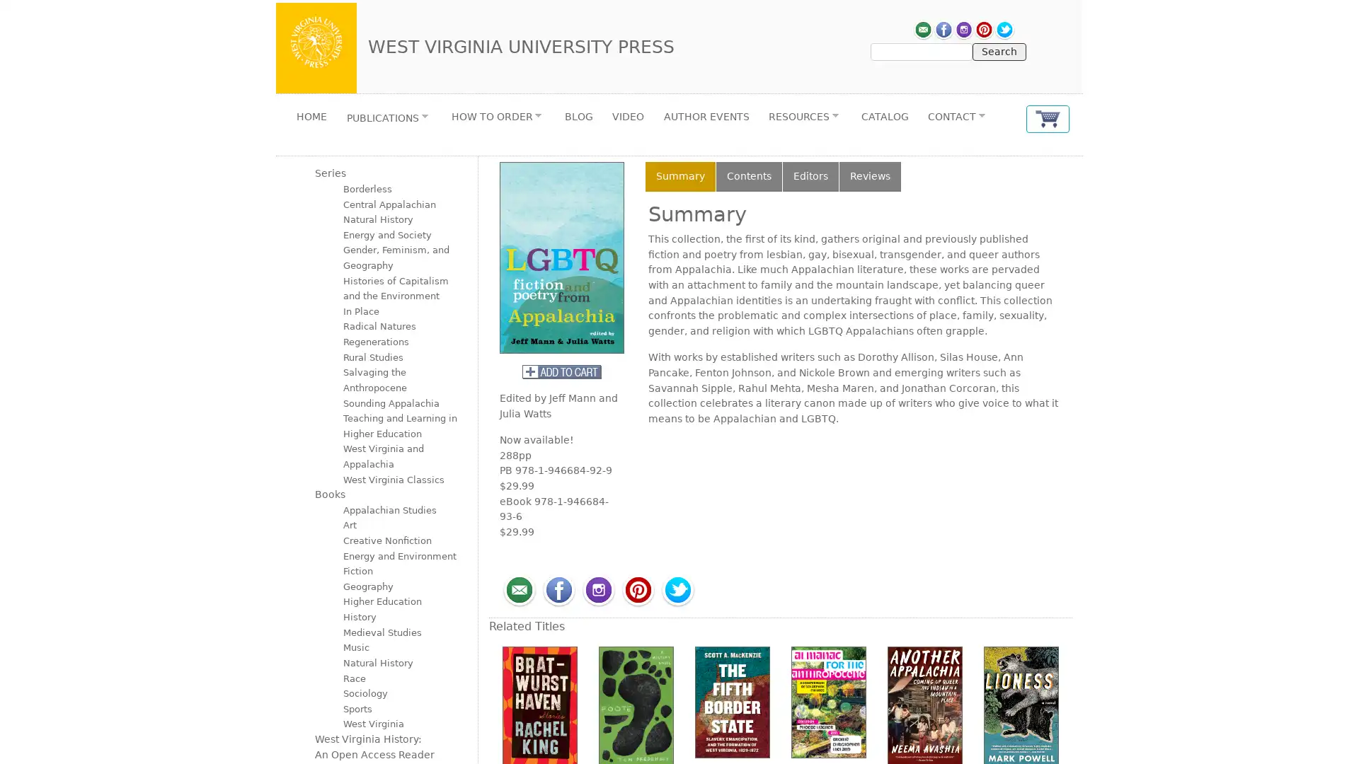  What do you see at coordinates (1048, 118) in the screenshot?
I see `Shopping Cart` at bounding box center [1048, 118].